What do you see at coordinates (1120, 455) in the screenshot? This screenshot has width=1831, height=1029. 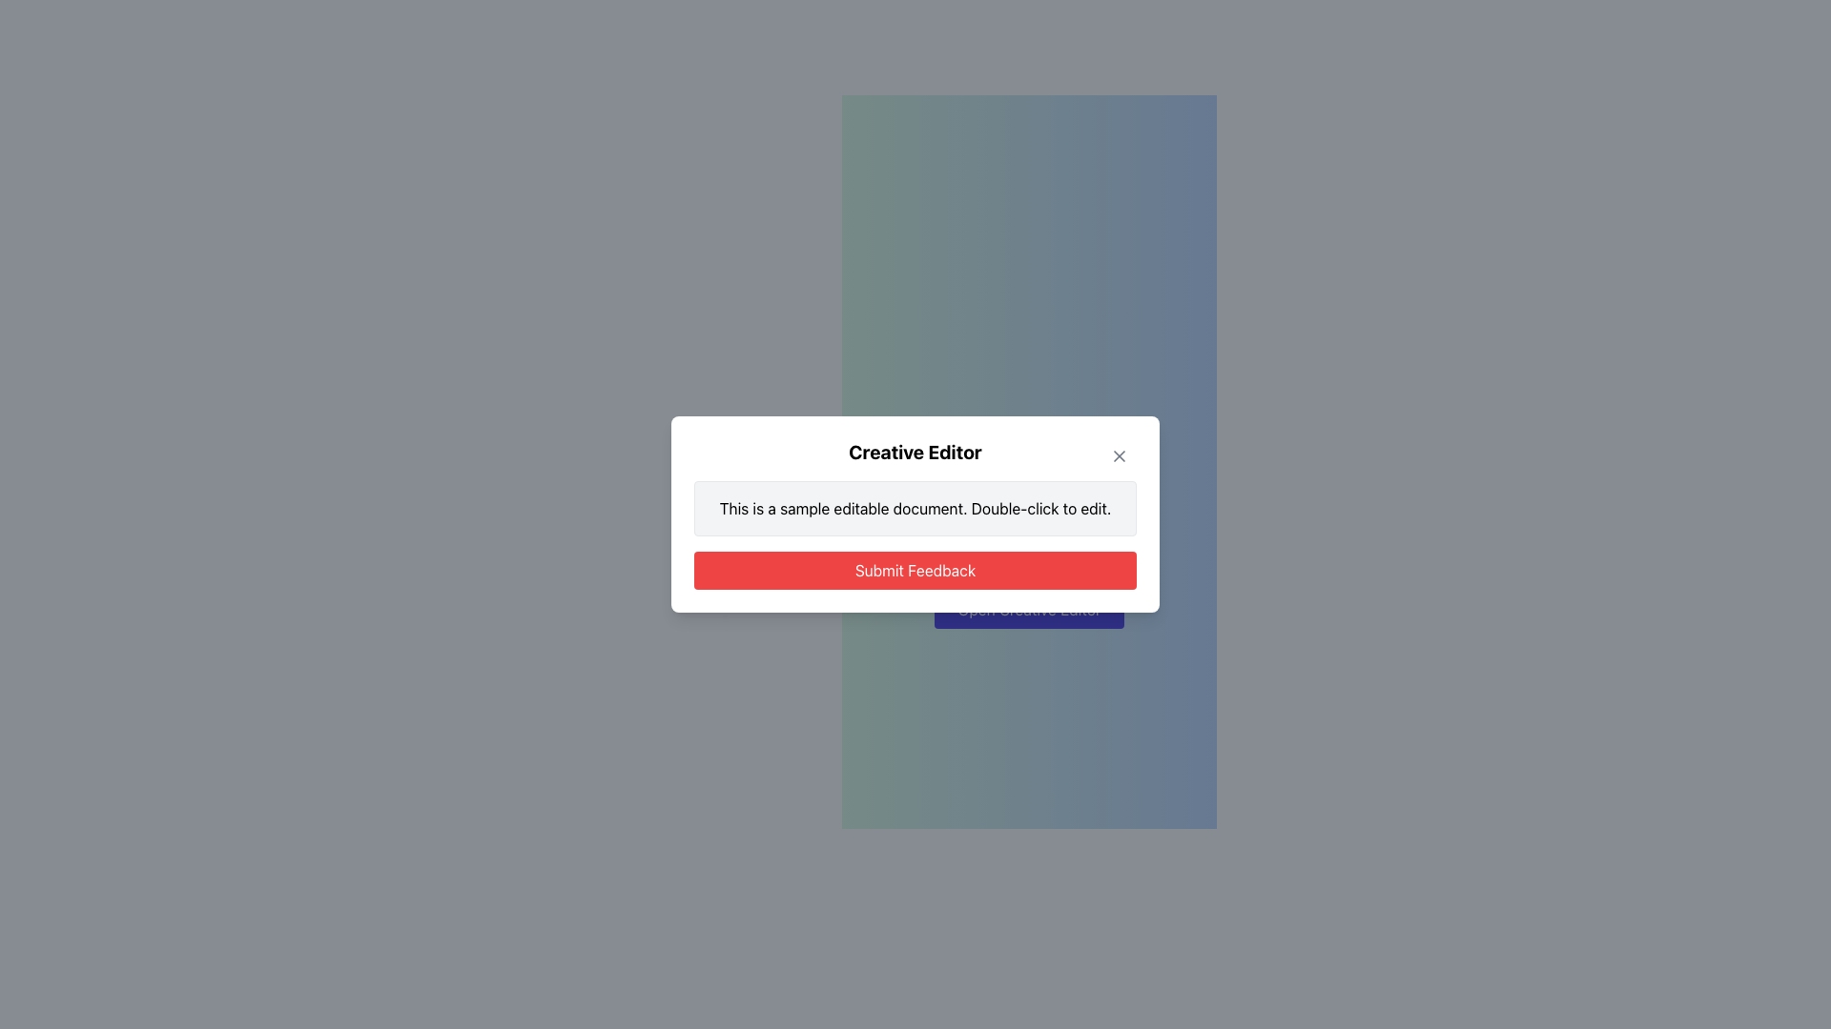 I see `the small cross icon located at the top-right corner of the 'Creative Editor' modal` at bounding box center [1120, 455].